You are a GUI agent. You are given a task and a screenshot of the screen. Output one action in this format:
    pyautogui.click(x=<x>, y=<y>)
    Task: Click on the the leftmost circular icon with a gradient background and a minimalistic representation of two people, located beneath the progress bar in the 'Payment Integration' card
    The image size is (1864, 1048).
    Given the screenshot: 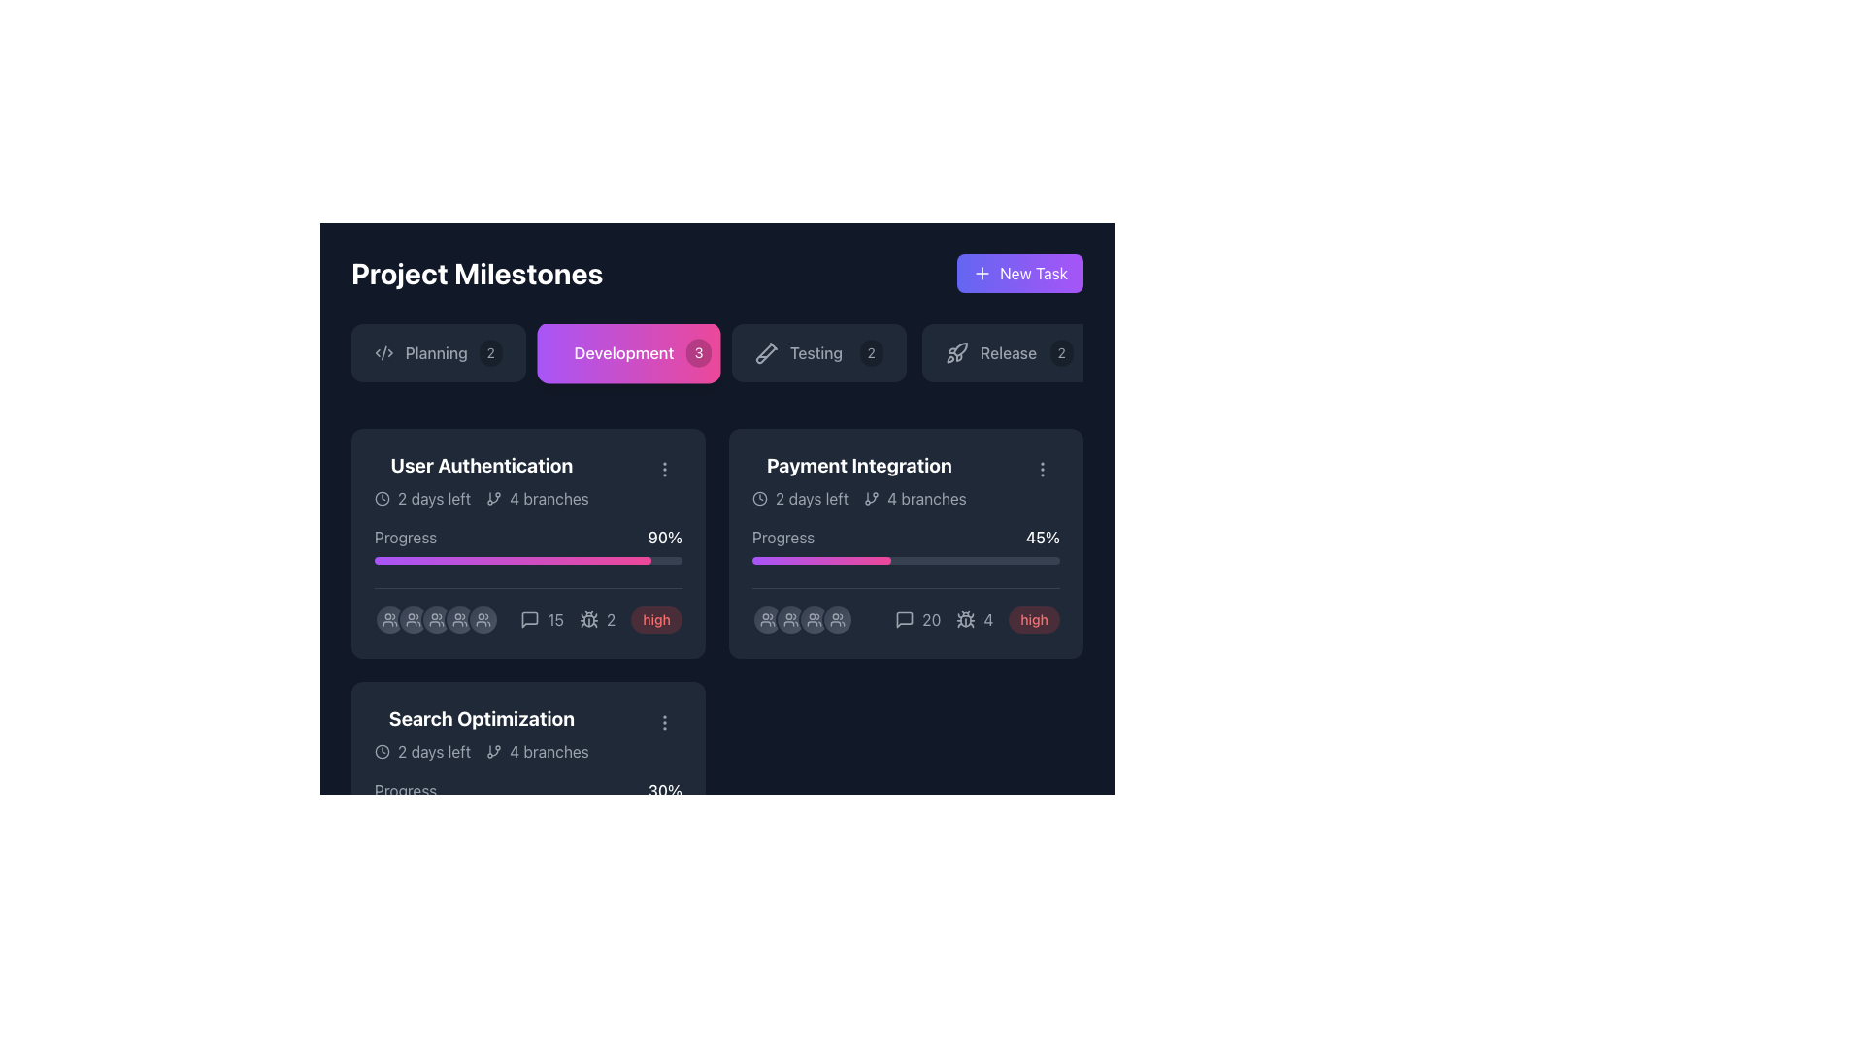 What is the action you would take?
    pyautogui.click(x=767, y=620)
    